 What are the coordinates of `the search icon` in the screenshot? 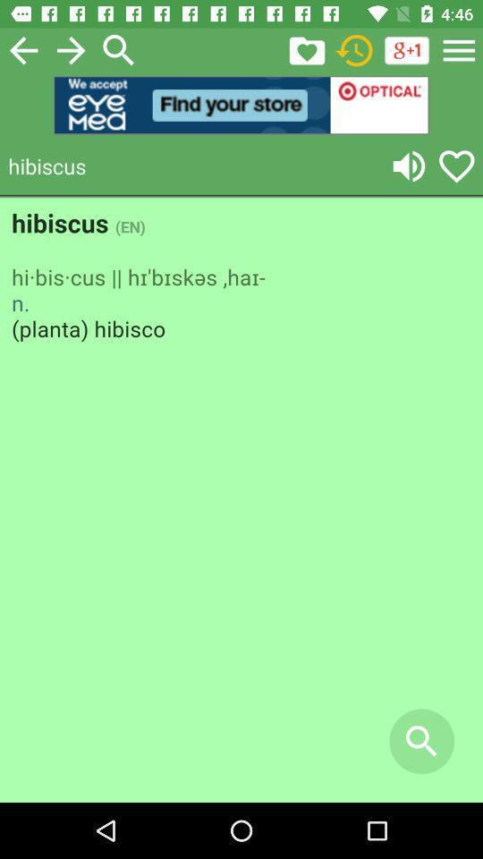 It's located at (119, 49).